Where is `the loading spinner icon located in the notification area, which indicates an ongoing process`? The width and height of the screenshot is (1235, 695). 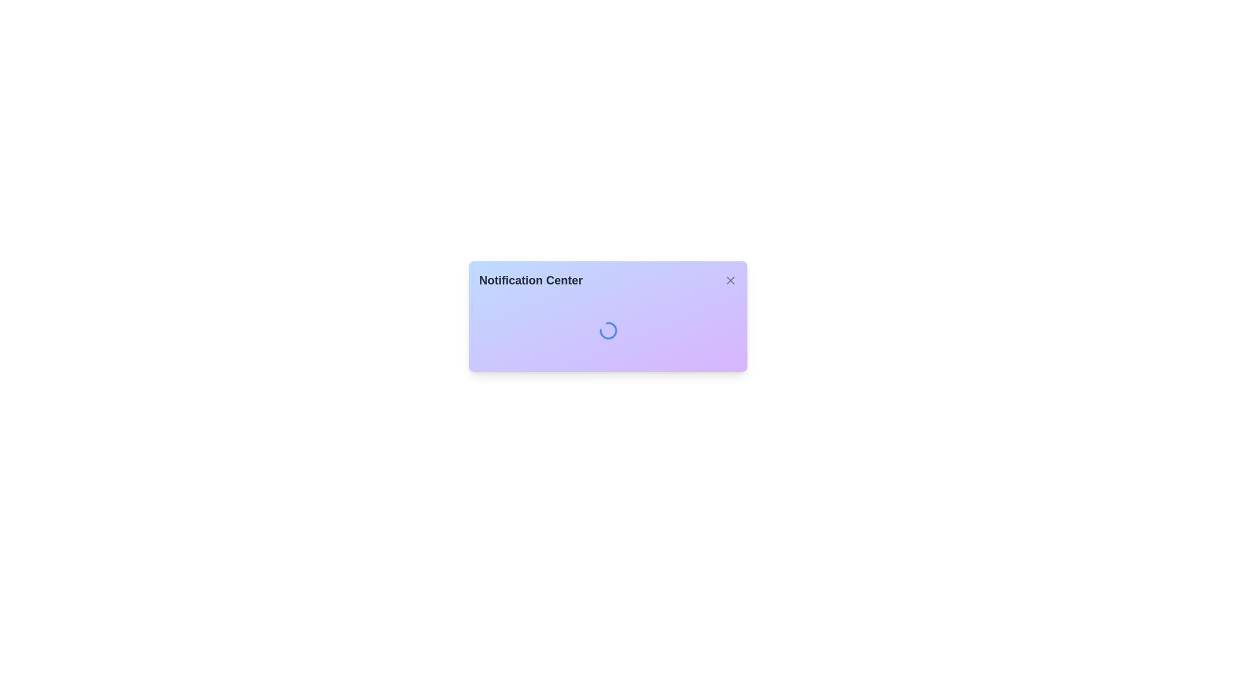
the loading spinner icon located in the notification area, which indicates an ongoing process is located at coordinates (607, 329).